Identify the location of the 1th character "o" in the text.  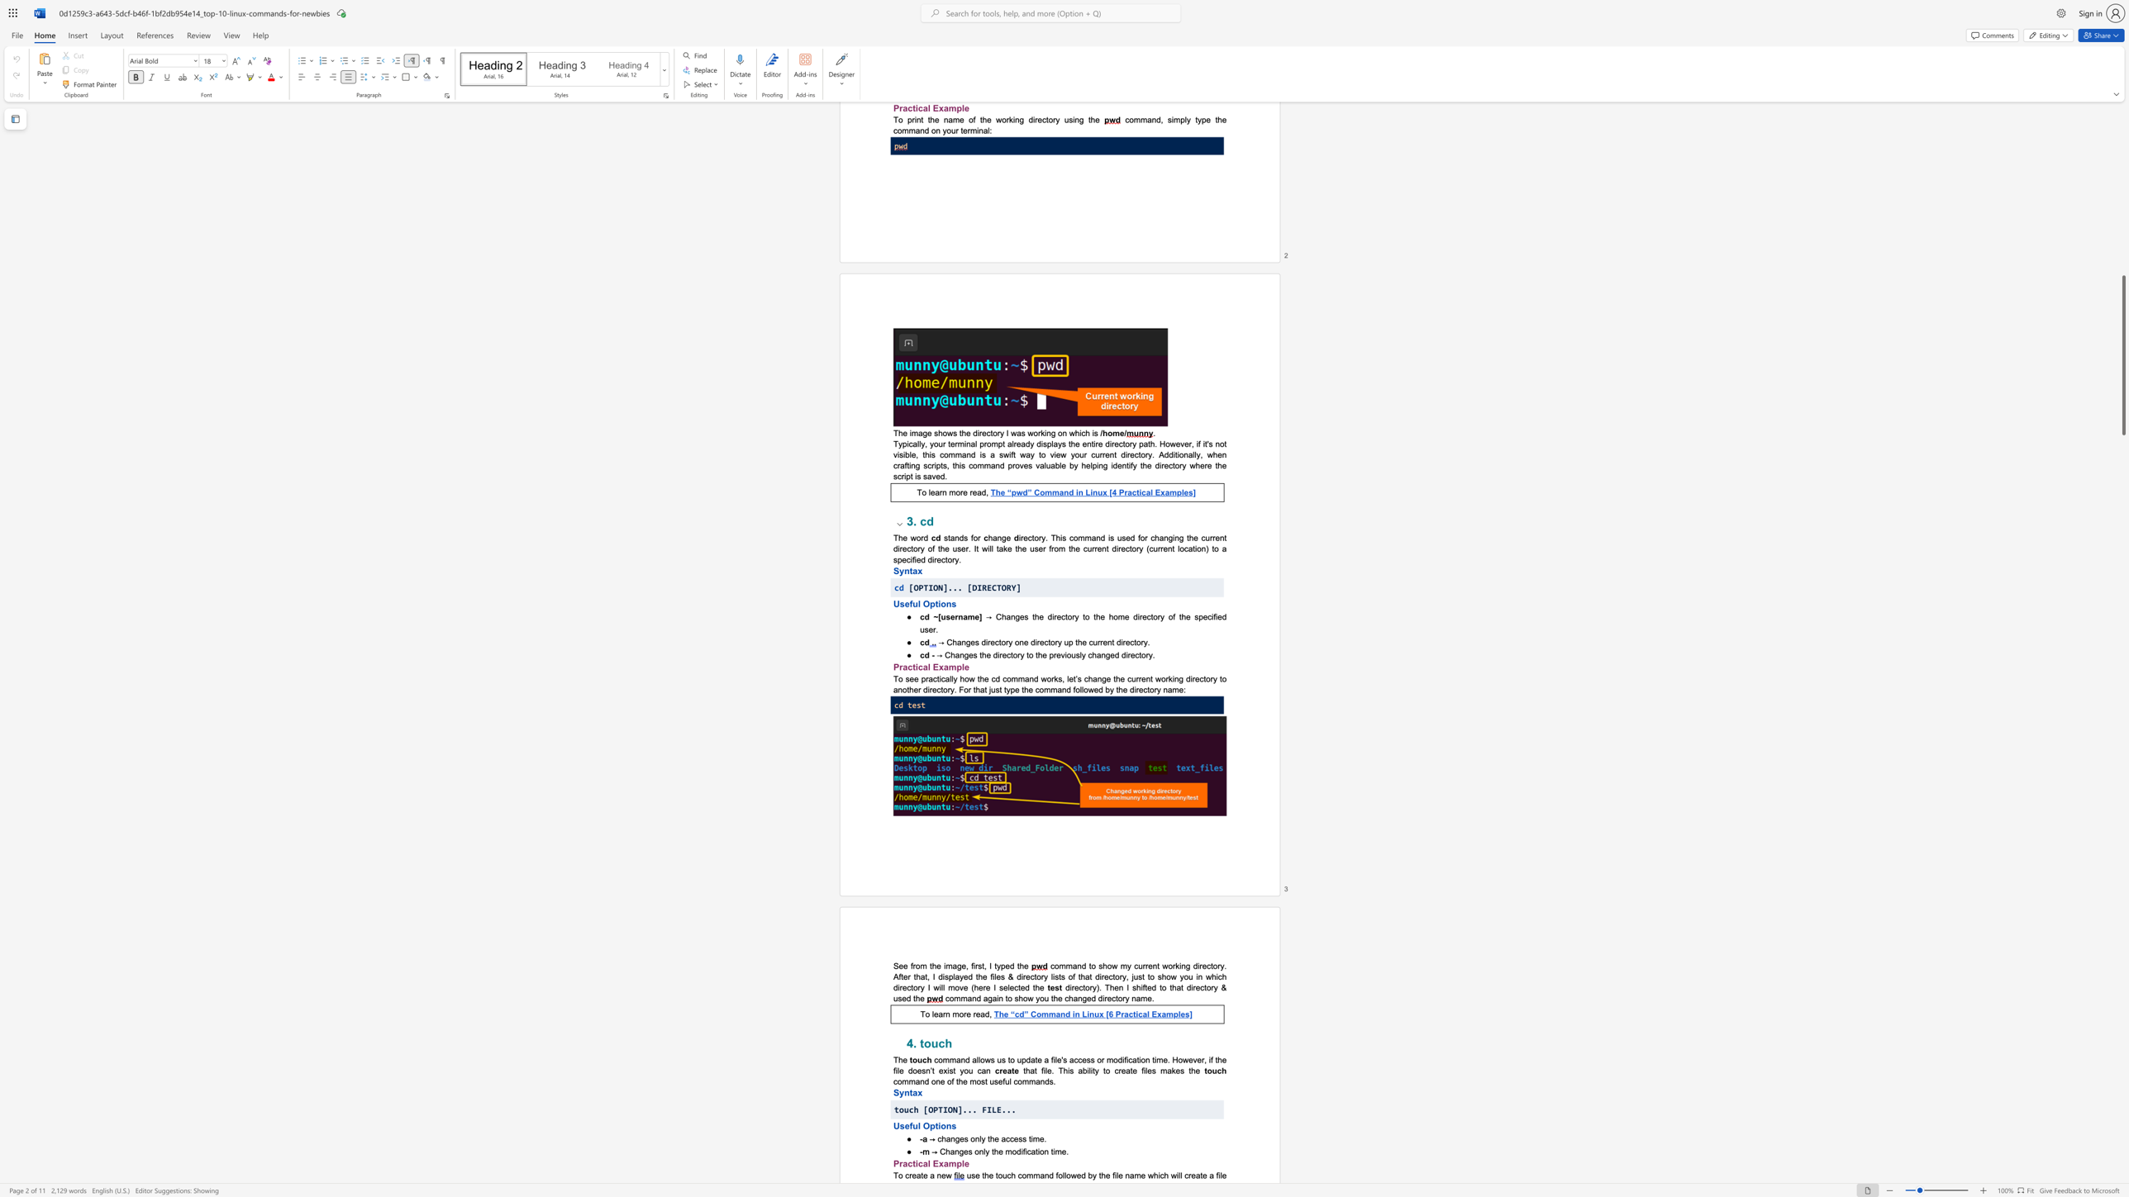
(940, 1058).